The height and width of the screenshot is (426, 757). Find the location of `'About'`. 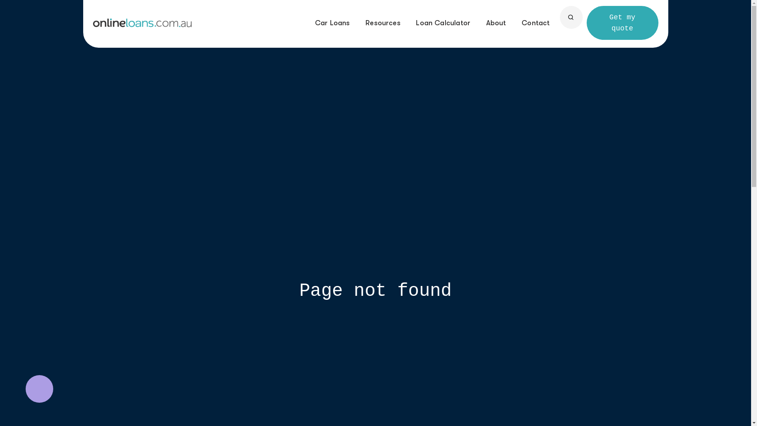

'About' is located at coordinates (486, 22).